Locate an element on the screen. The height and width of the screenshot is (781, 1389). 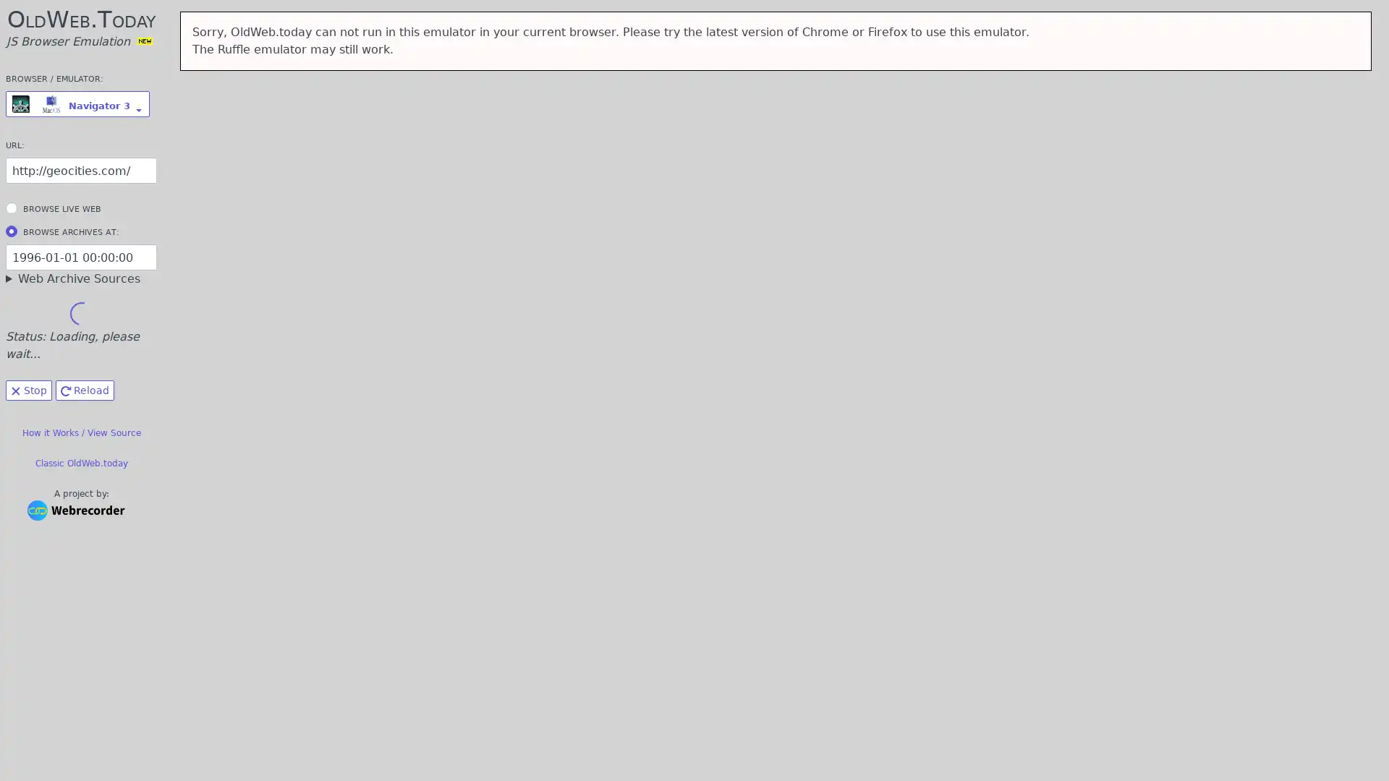
Stop is located at coordinates (28, 390).